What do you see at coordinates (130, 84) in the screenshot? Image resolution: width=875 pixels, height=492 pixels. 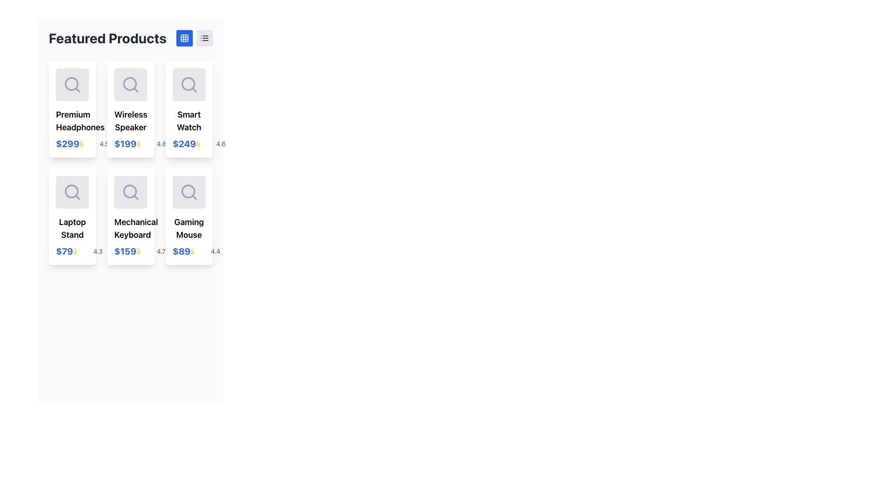 I see `the center of the search icon located in the second product card of the top row` at bounding box center [130, 84].